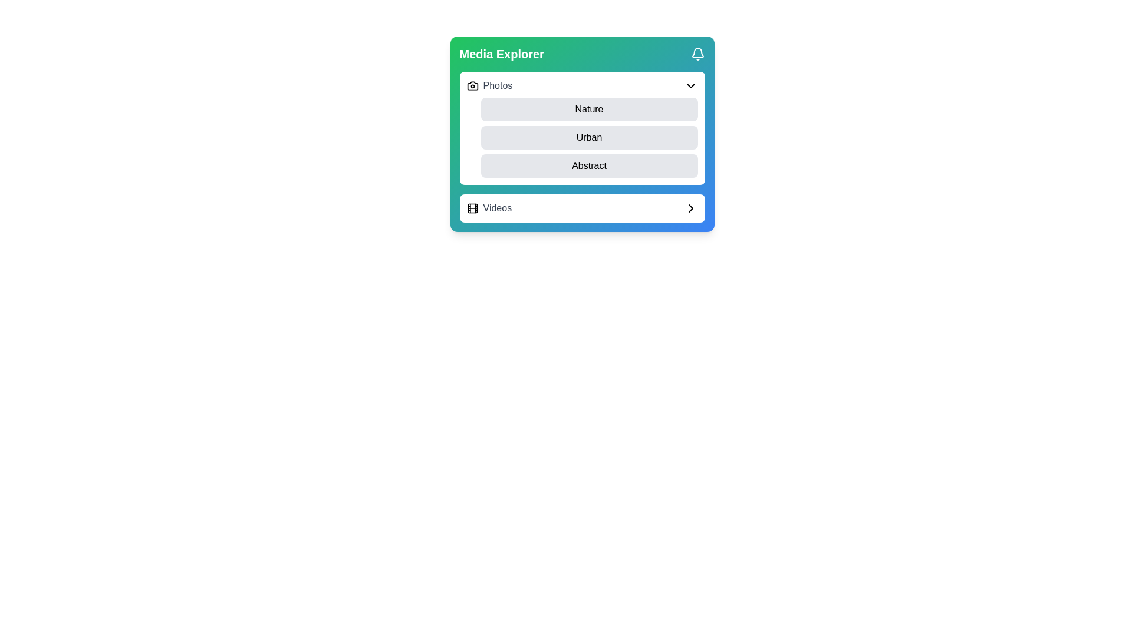 Image resolution: width=1132 pixels, height=636 pixels. Describe the element at coordinates (472, 85) in the screenshot. I see `camera icon located in the 'Photos' section of the 'Media Explorer' card, positioned on the left side of the dropdown bar labeled 'Photos'` at that location.